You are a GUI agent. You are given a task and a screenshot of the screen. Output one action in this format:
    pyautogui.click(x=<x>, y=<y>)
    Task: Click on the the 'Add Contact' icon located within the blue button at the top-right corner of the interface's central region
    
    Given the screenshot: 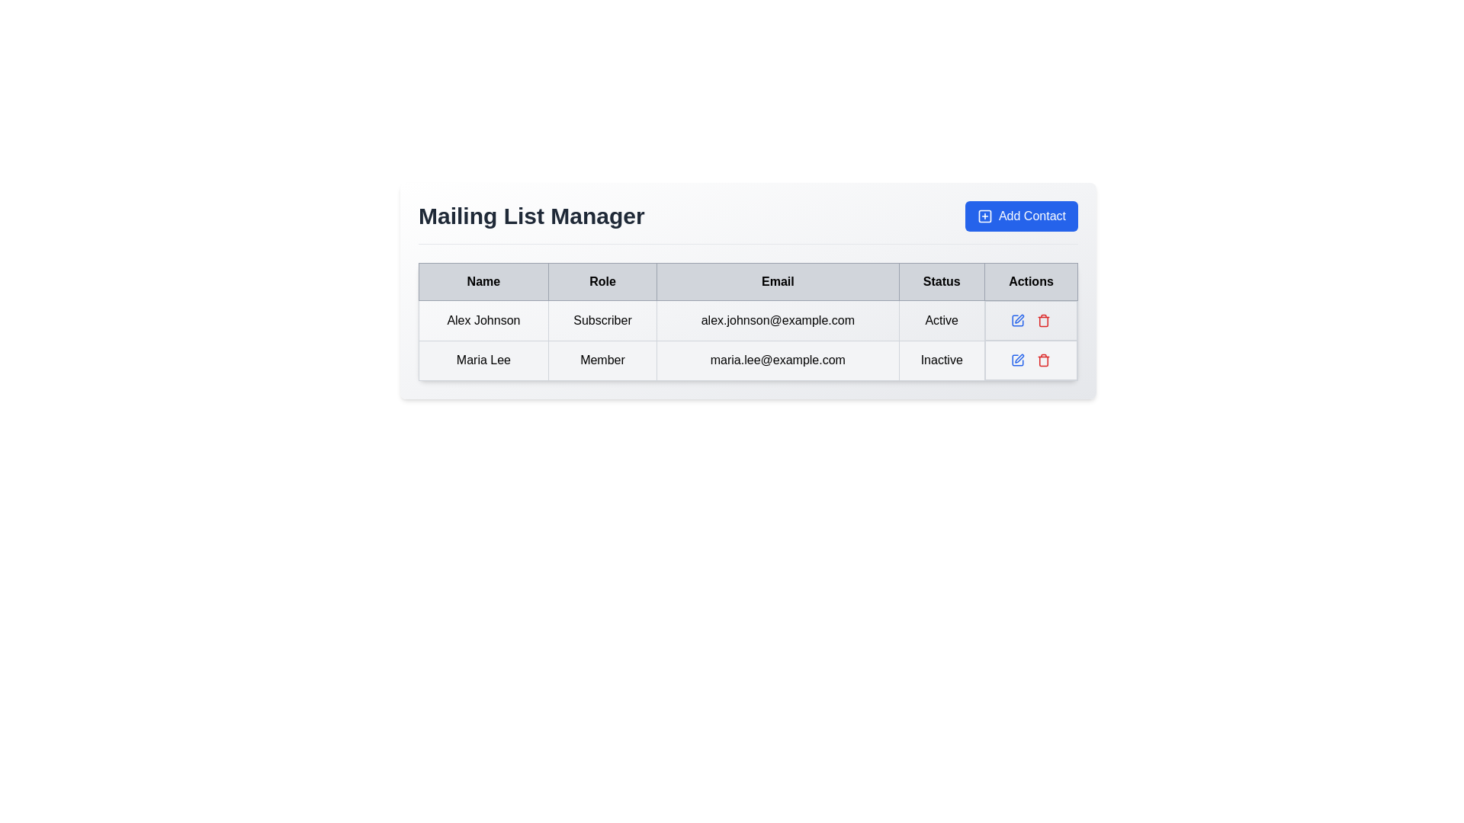 What is the action you would take?
    pyautogui.click(x=984, y=216)
    